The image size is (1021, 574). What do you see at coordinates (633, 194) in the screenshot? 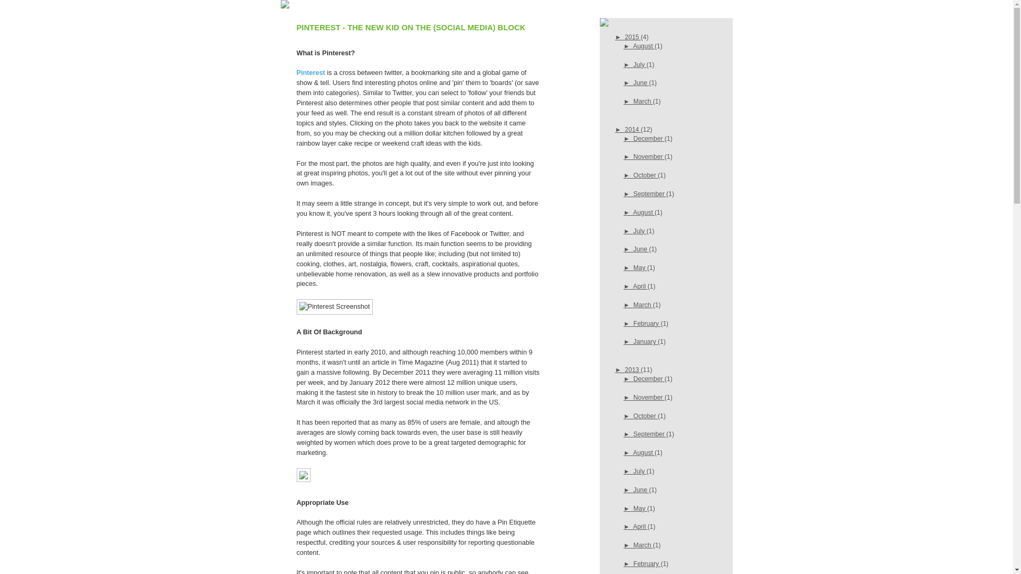
I see `'September'` at bounding box center [633, 194].